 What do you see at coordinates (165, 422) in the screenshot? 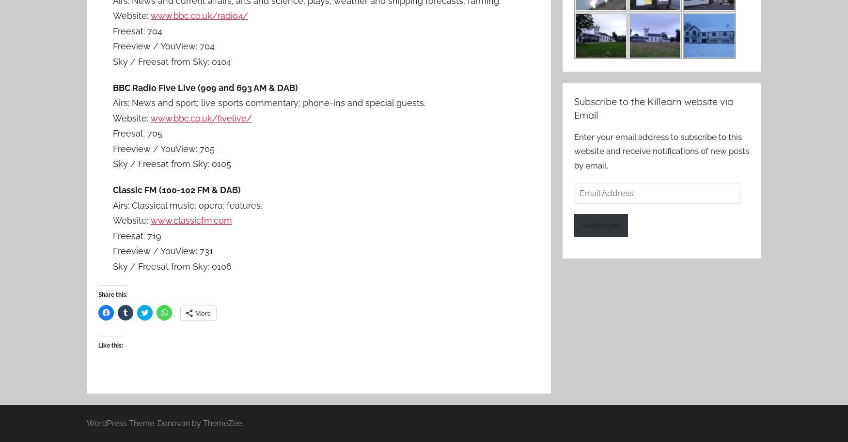
I see `'WordPress Theme: Donovan by ThemeZee.'` at bounding box center [165, 422].